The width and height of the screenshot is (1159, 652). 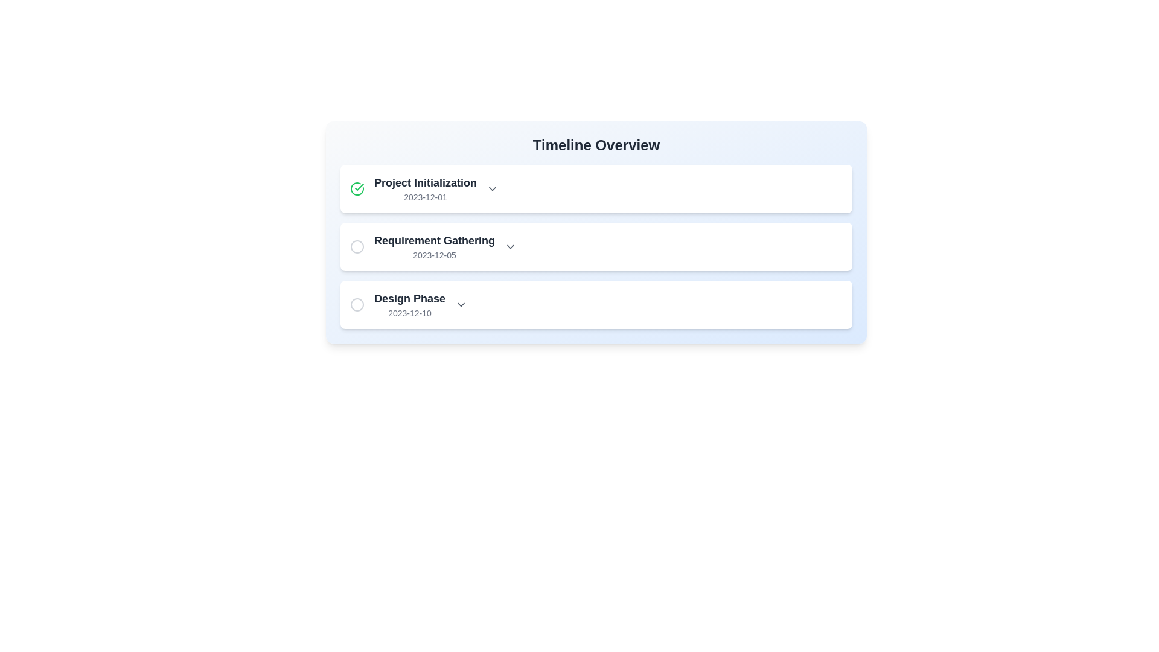 What do you see at coordinates (460, 304) in the screenshot?
I see `the chevron-down icon located to the far right of the 'Design Phase' text` at bounding box center [460, 304].